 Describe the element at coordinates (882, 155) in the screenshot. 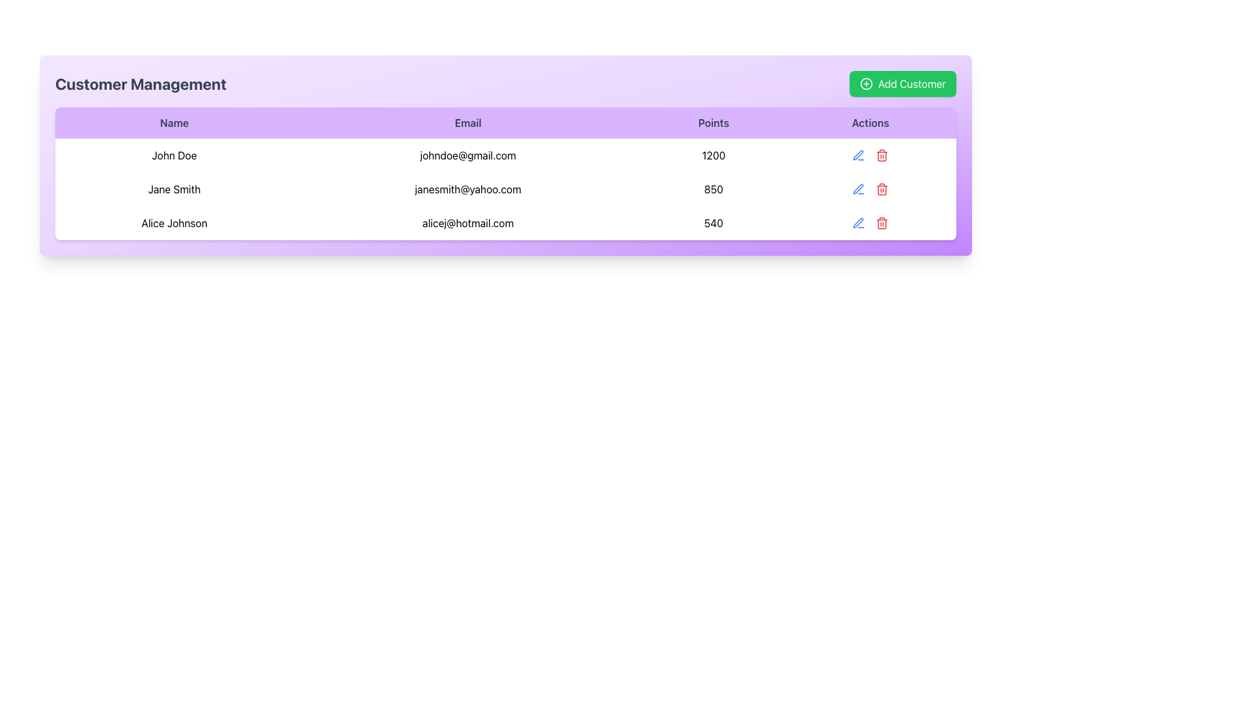

I see `the delete button located in the 'Actions' column of the table for the user 'Jane Smith'` at that location.